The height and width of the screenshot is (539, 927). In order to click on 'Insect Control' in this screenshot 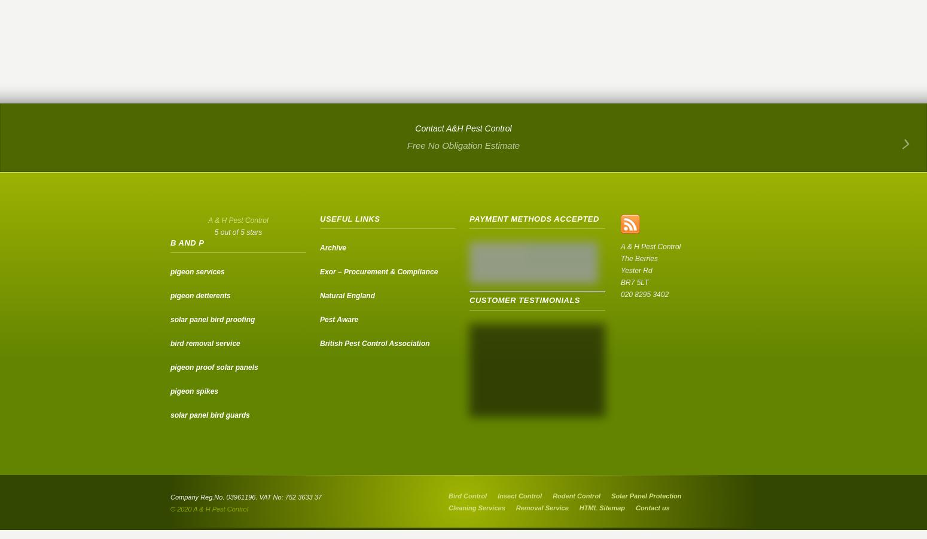, I will do `click(519, 496)`.